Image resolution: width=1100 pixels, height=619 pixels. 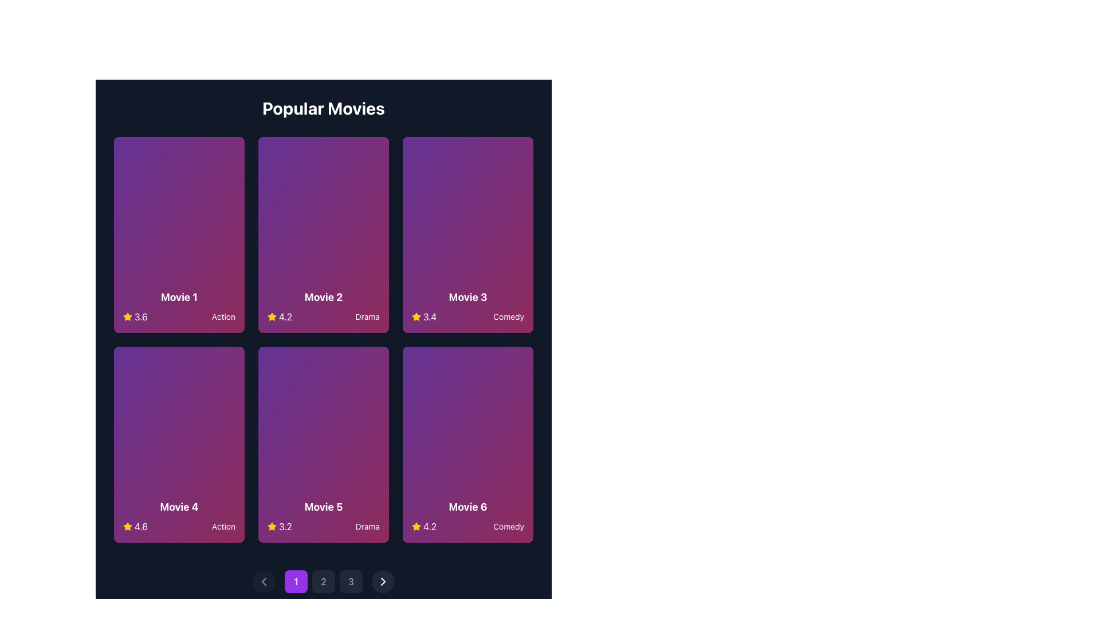 What do you see at coordinates (415, 526) in the screenshot?
I see `the star icon representing the rating of 'Movie 6', which is located at the bottom-left of the card next to the numeric rating '4.2'` at bounding box center [415, 526].